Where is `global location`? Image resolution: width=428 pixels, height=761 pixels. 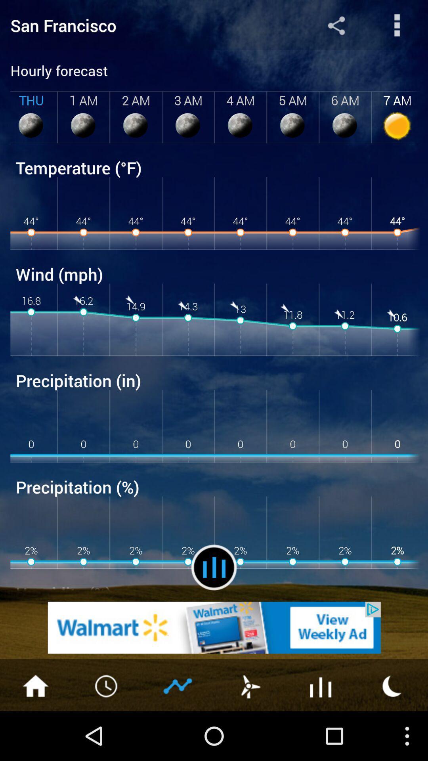 global location is located at coordinates (336, 25).